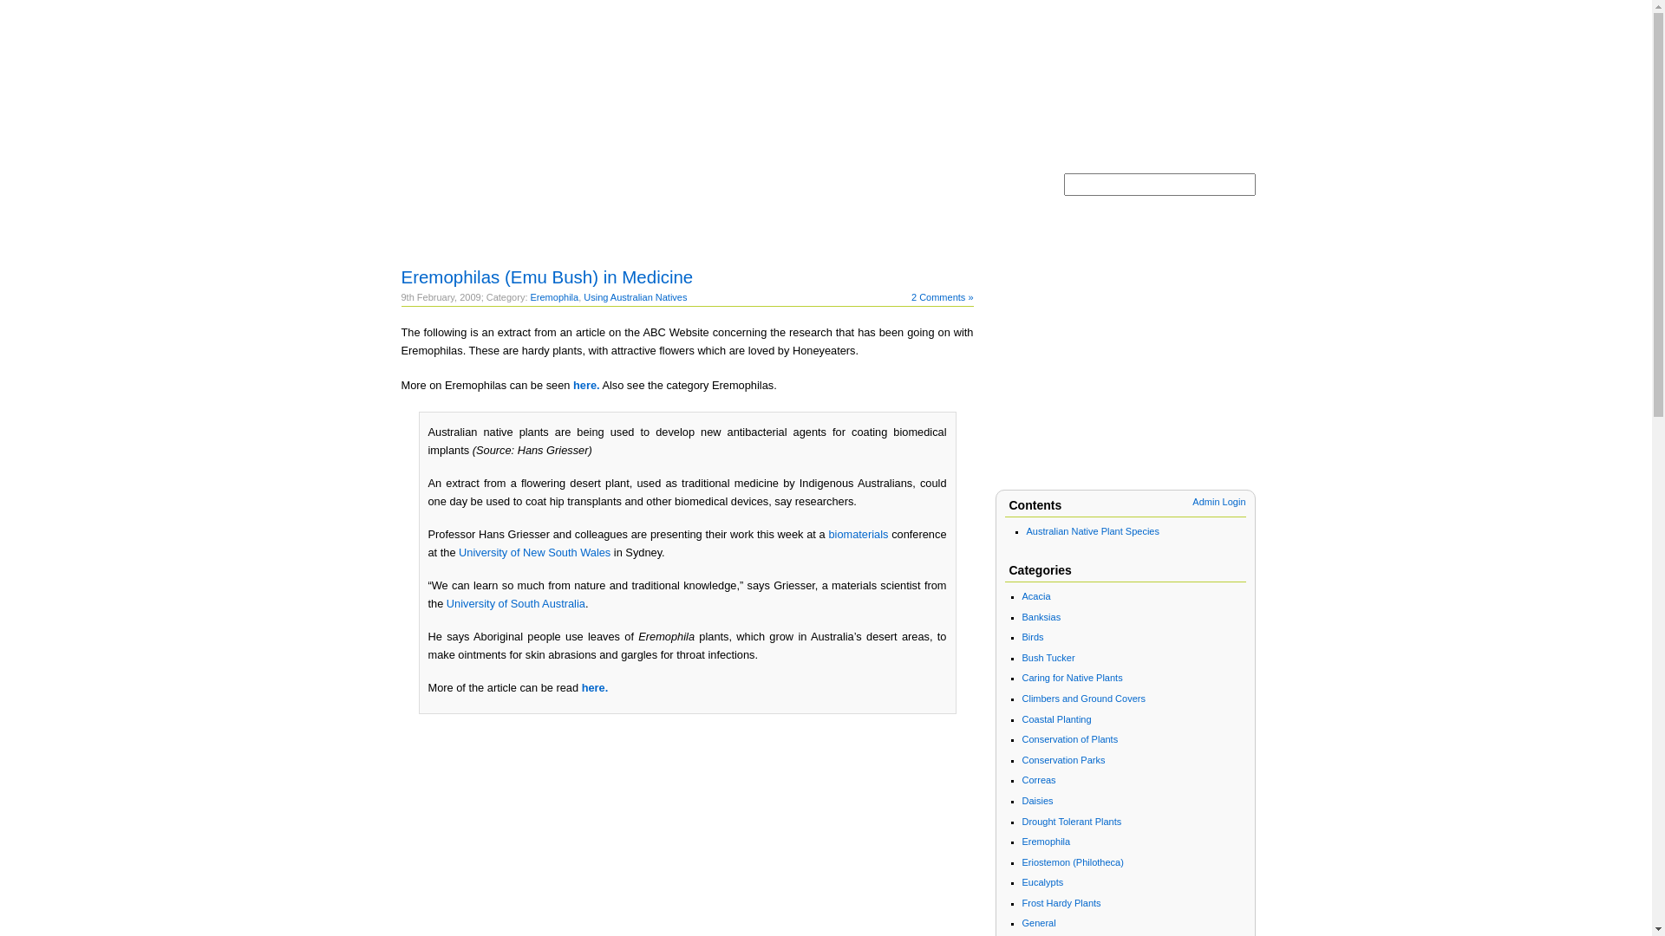  What do you see at coordinates (858, 533) in the screenshot?
I see `'biomaterials'` at bounding box center [858, 533].